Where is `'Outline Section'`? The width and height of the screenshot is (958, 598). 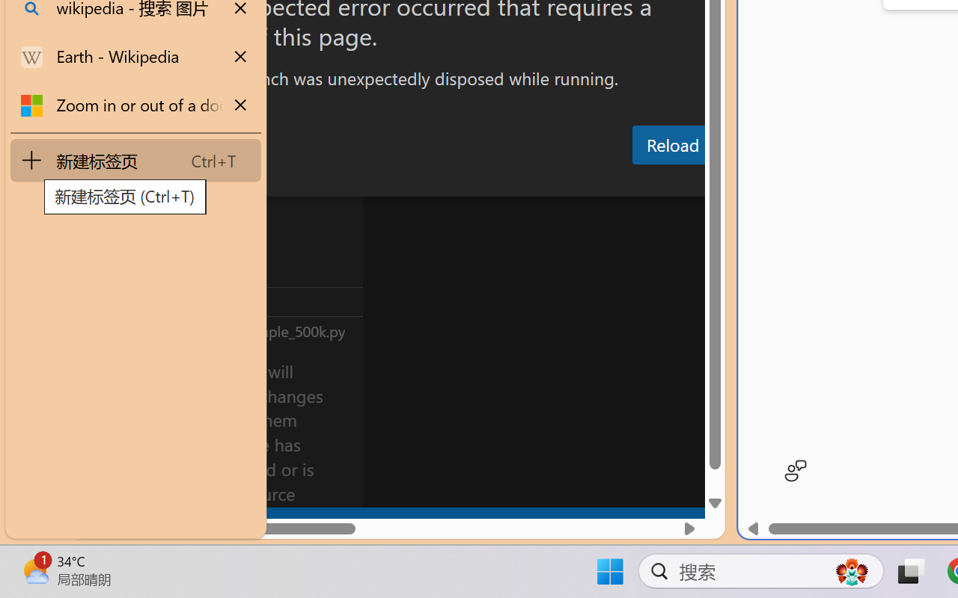 'Outline Section' is located at coordinates (248, 301).